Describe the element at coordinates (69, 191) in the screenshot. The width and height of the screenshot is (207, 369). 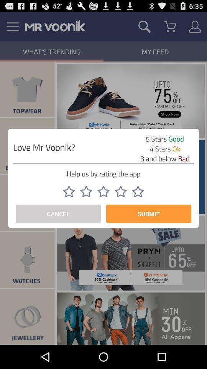
I see `button above the cancel button` at that location.